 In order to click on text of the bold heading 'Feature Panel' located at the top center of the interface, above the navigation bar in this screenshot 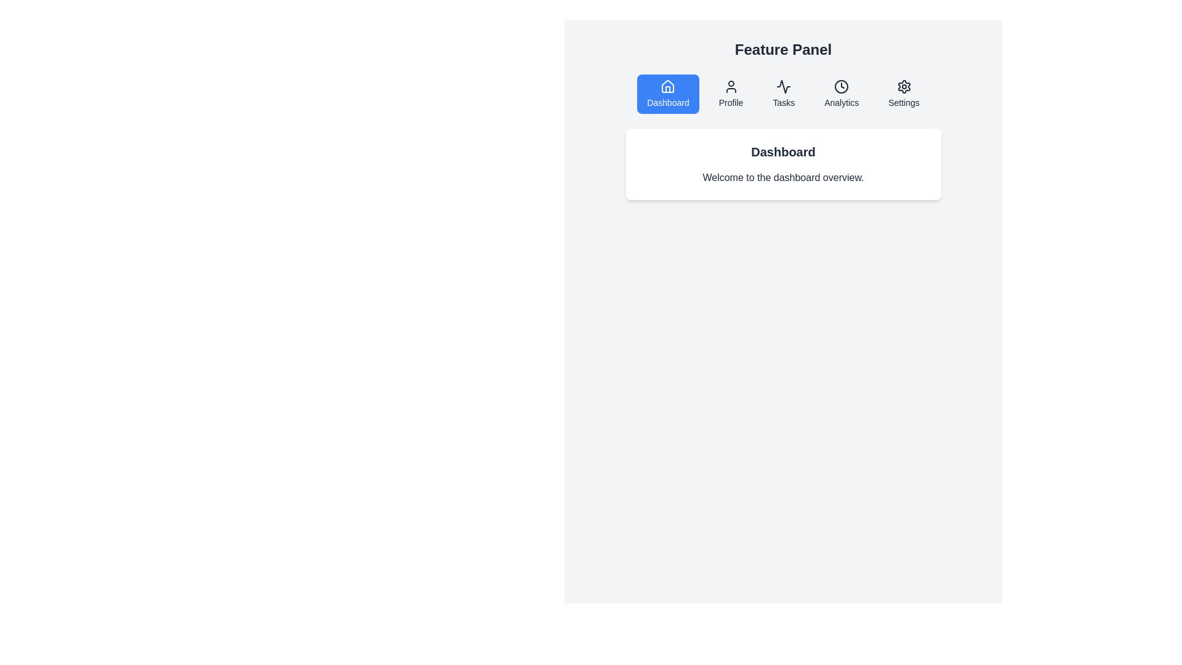, I will do `click(782, 49)`.